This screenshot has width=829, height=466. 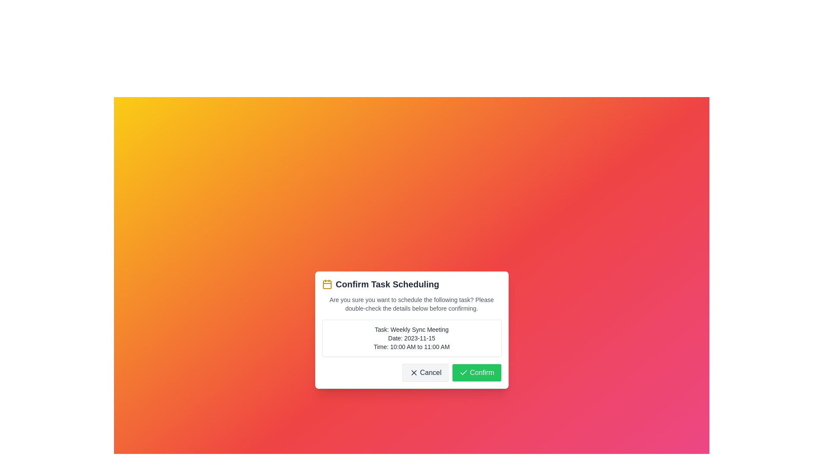 I want to click on the 'X' icon within the 'Cancel' button in the dialog box, so click(x=413, y=372).